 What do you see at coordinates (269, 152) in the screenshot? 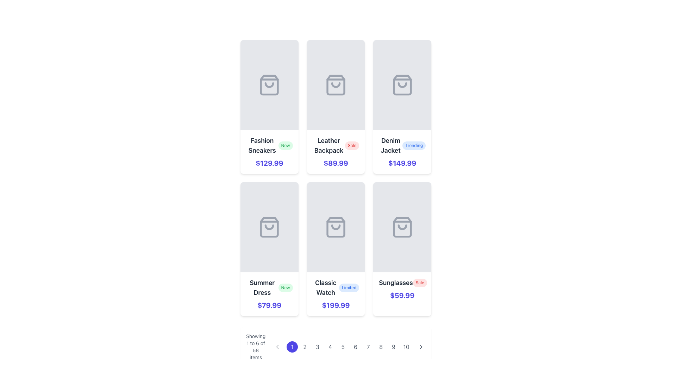
I see `the product name or price in the text block located in the first item card of the grid layout, which presents product details including a badge and price` at bounding box center [269, 152].